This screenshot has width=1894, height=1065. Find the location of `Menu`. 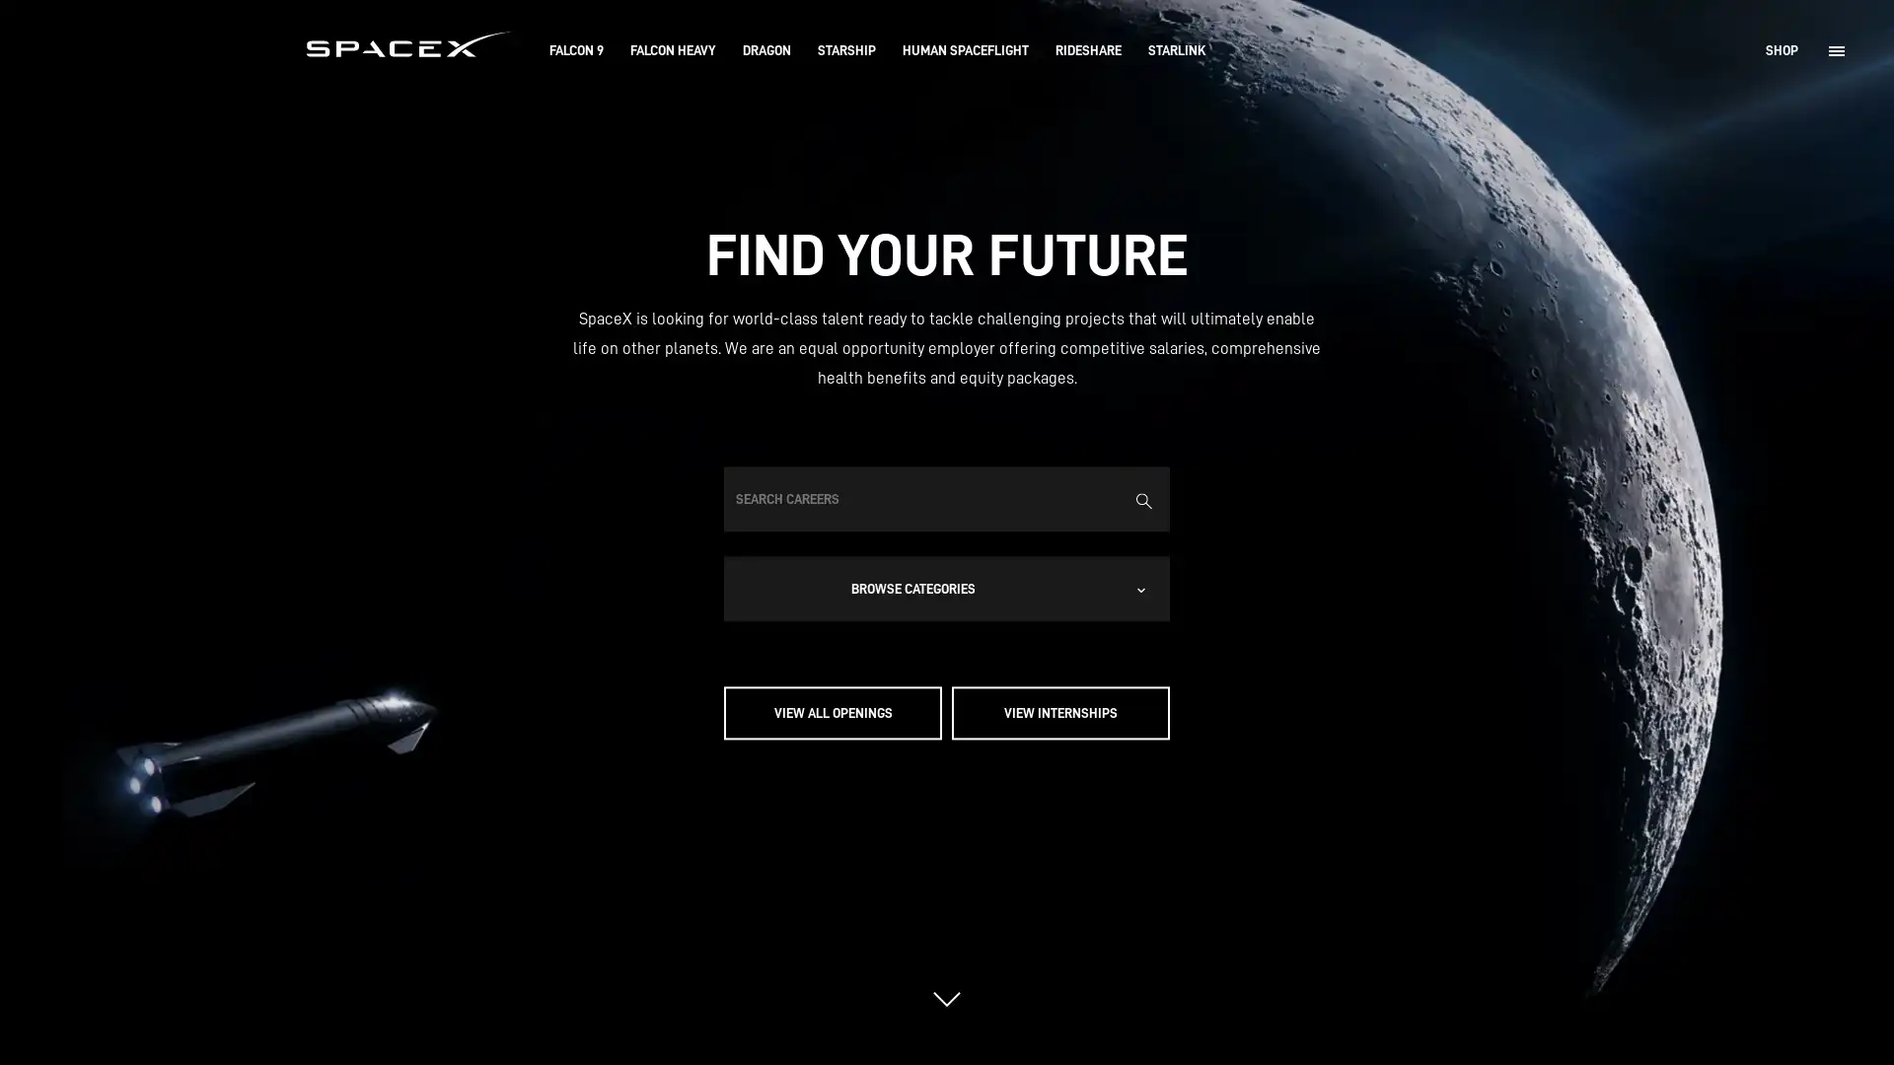

Menu is located at coordinates (1836, 49).